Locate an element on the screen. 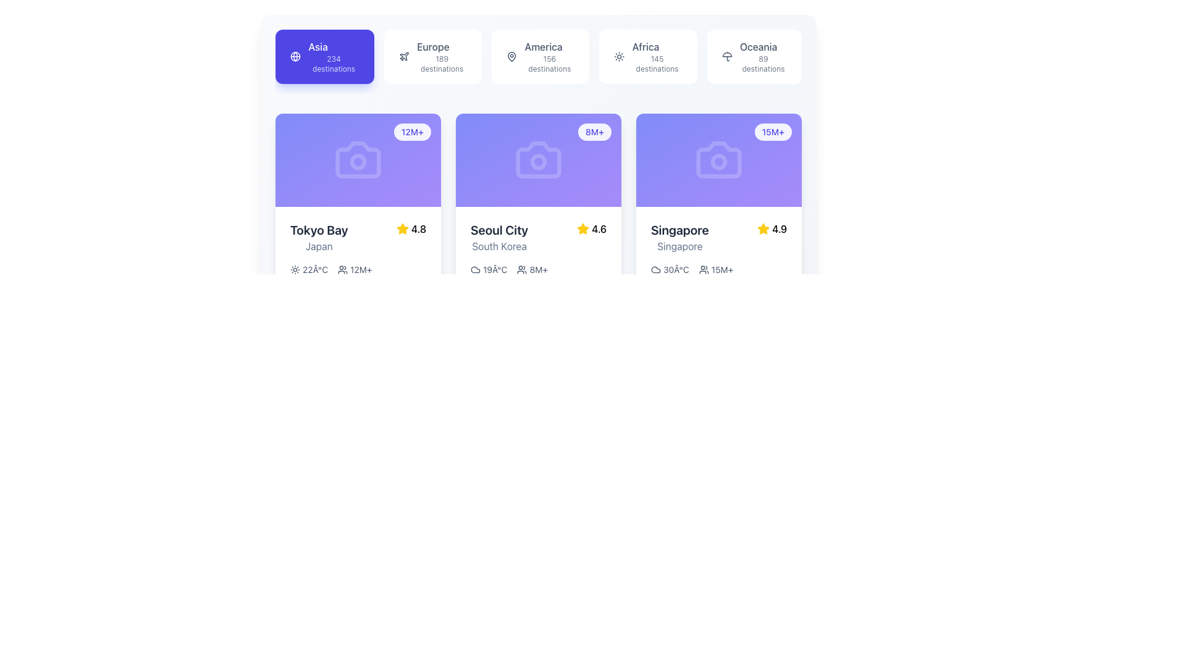  the weather and population statistics component displaying '19°C' and '8M+' in the middle card of the three-card layout for Seoul City is located at coordinates (539, 268).